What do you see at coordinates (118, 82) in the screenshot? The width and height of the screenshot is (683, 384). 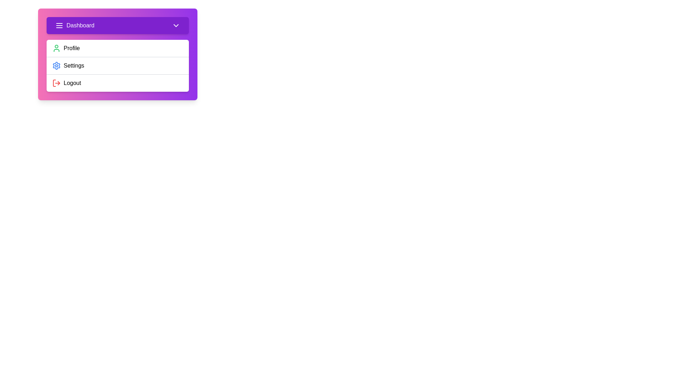 I see `the 'Logout' option in the menu` at bounding box center [118, 82].